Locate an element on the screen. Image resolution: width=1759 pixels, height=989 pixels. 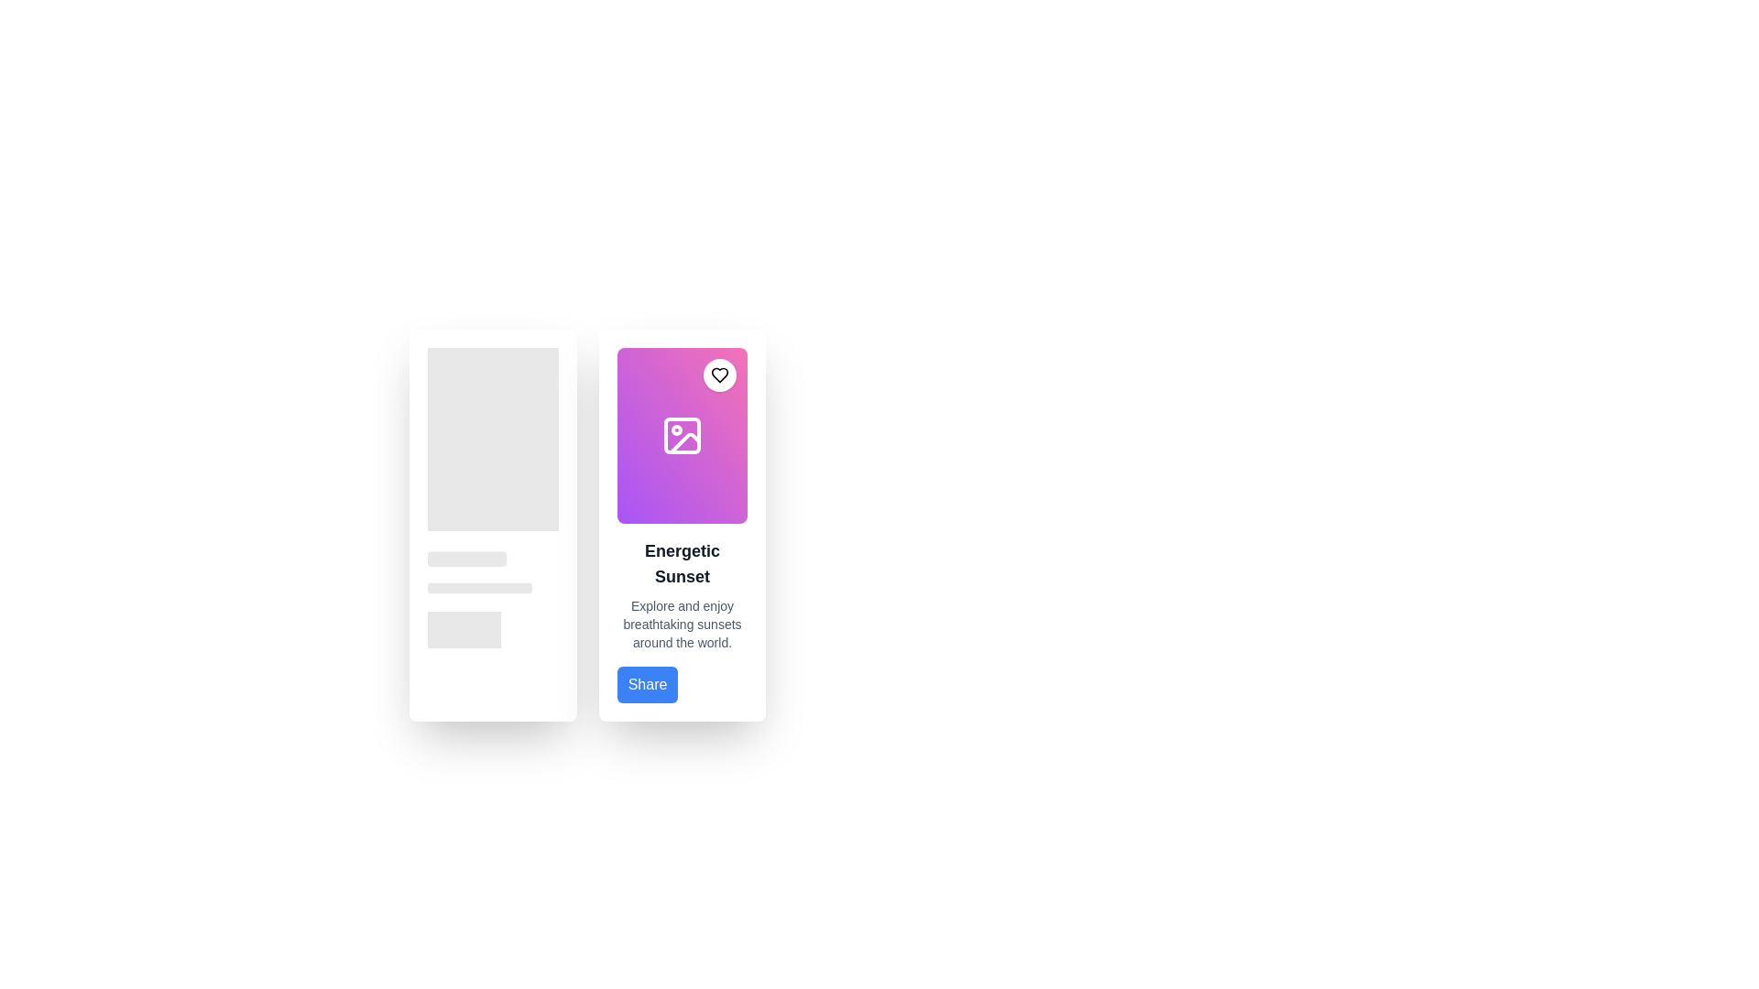
the Skeleton loading placeholder, which is the second element from the top in the leftmost card of the interface, representing content that is yet to be loaded is located at coordinates (493, 557).